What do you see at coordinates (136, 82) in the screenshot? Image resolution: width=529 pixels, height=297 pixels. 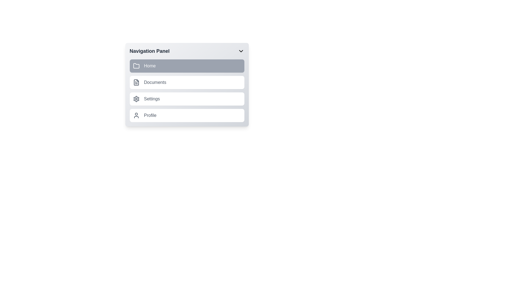 I see `the 'Documents' icon located as the second icon in the vertical list of the navigation panel` at bounding box center [136, 82].